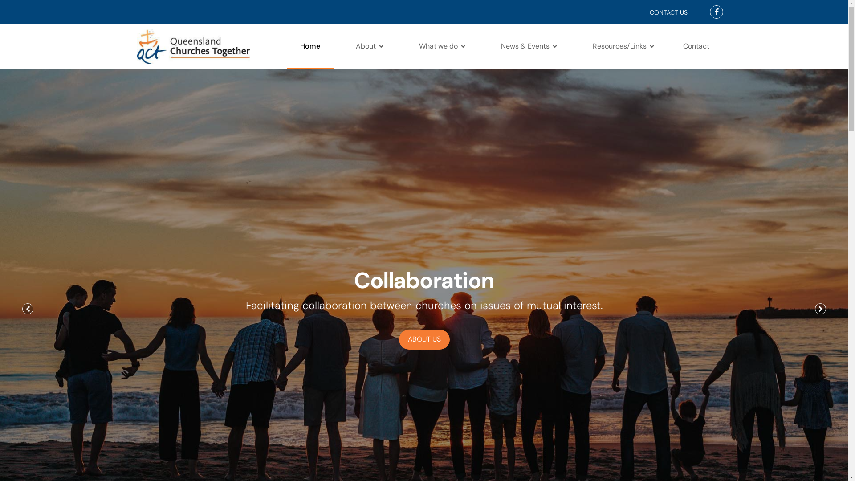  Describe the element at coordinates (424, 339) in the screenshot. I see `'ABOUT US'` at that location.